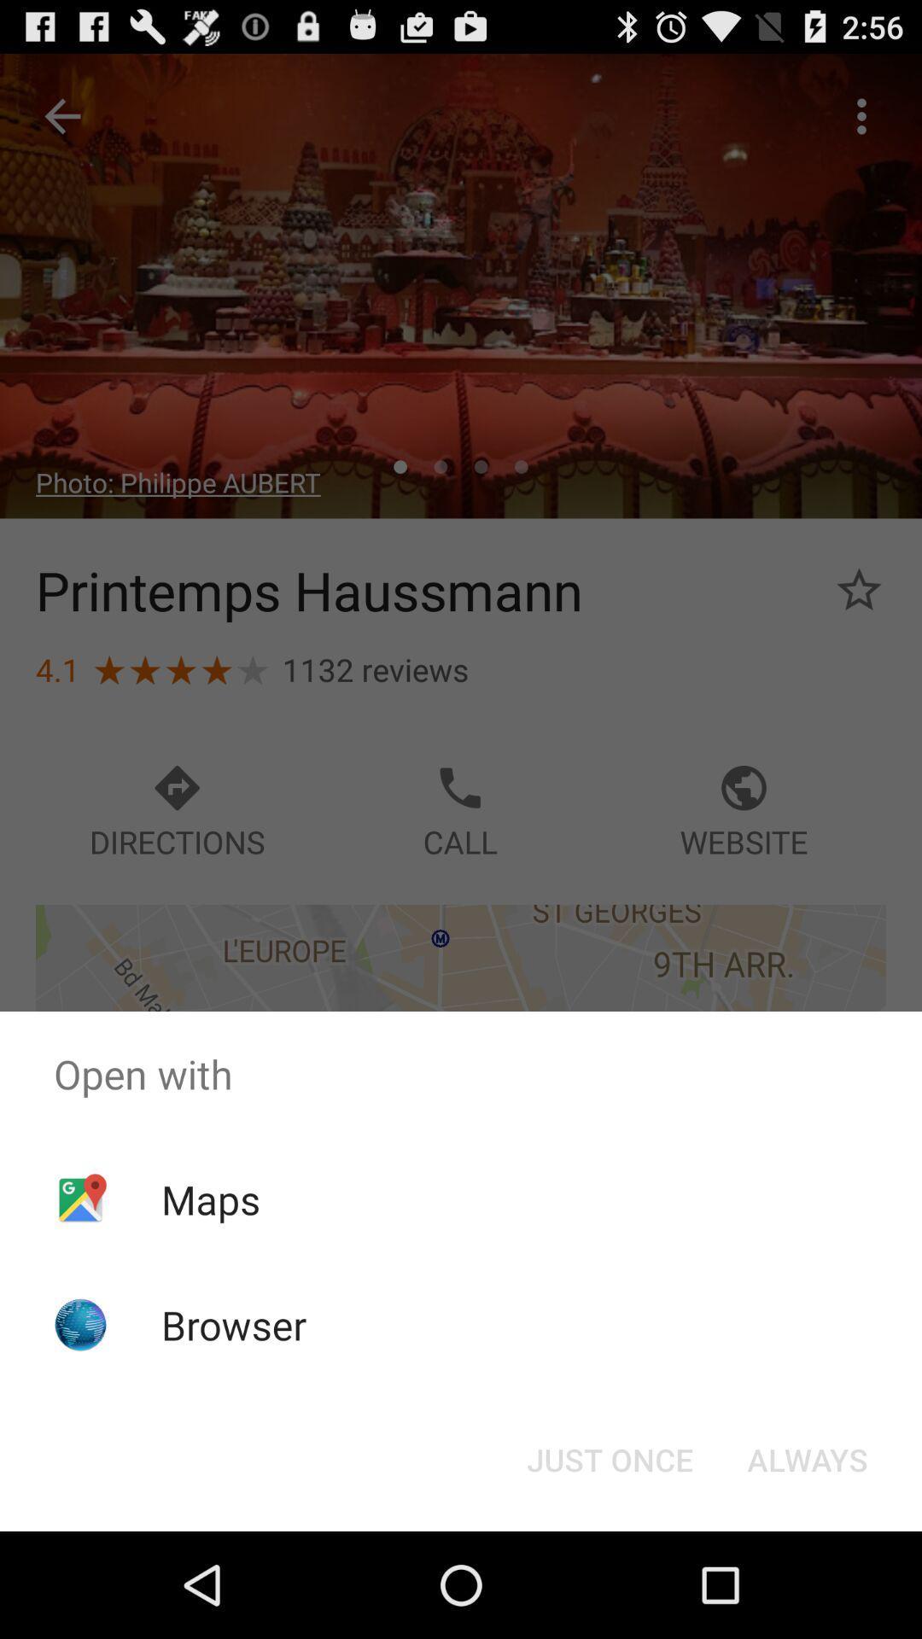 Image resolution: width=922 pixels, height=1639 pixels. I want to click on always icon, so click(807, 1458).